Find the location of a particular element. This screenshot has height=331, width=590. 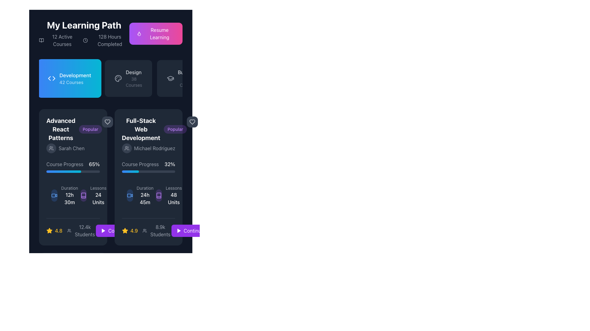

the heart icon in the header section of the 'Advanced React Patterns' course card to favorite the course is located at coordinates (107, 122).